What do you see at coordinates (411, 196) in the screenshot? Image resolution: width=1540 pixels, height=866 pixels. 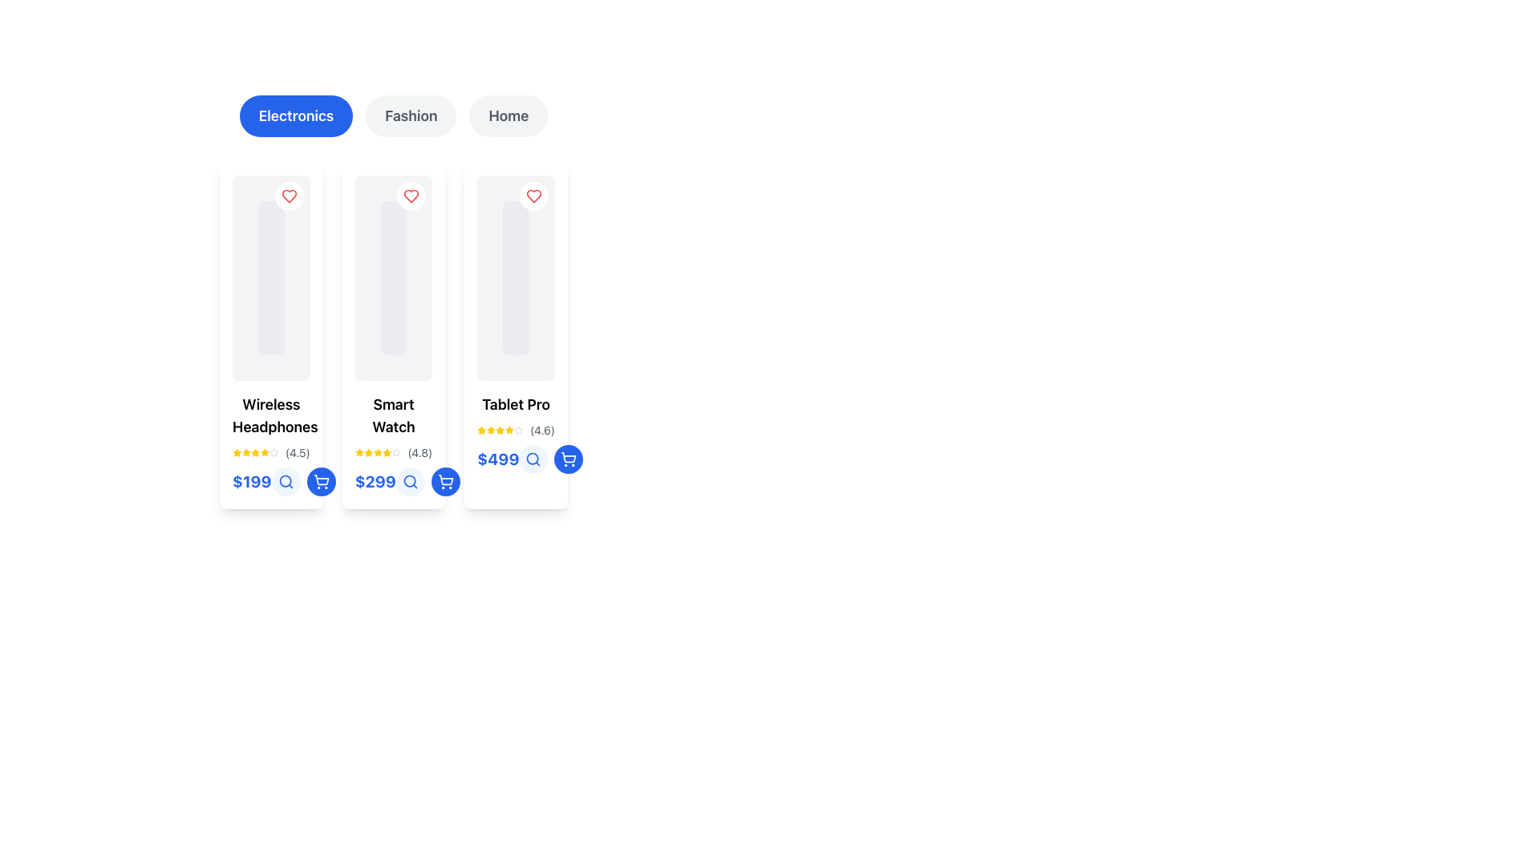 I see `the favorite button located at the top-right corner of the 'Smart Watch' card to like the item` at bounding box center [411, 196].